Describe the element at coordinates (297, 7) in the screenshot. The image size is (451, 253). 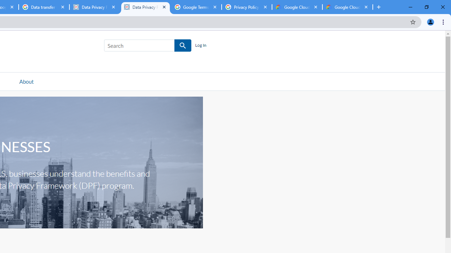
I see `'Google Cloud Privacy Notice'` at that location.